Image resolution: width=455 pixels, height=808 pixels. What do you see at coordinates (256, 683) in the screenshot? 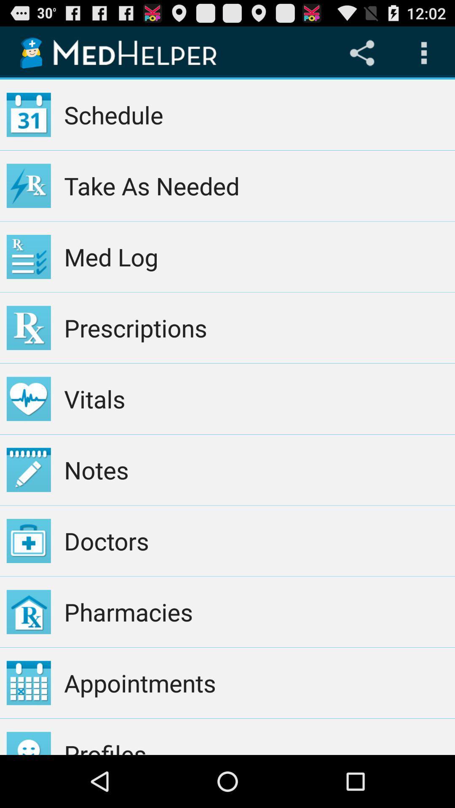
I see `appointments app` at bounding box center [256, 683].